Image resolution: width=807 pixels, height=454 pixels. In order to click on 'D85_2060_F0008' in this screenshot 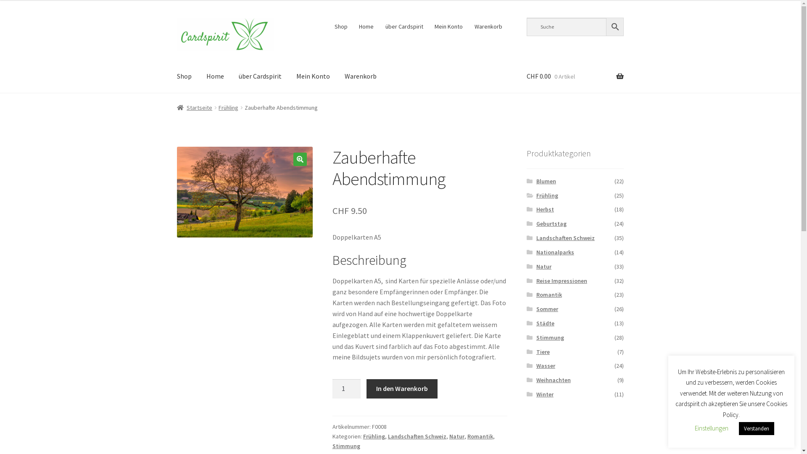, I will do `click(244, 192)`.